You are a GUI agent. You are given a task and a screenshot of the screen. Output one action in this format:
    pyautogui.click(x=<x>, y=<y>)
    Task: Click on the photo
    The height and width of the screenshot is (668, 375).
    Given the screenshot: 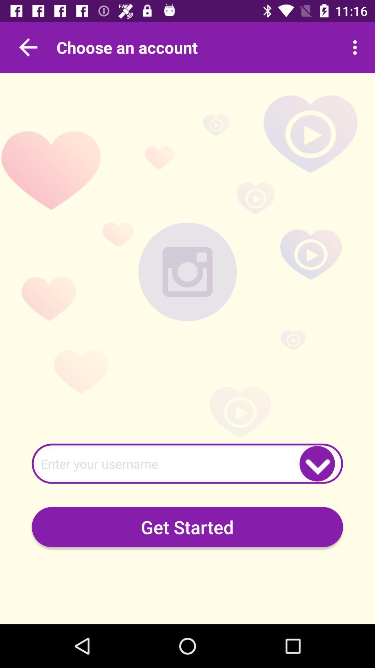 What is the action you would take?
    pyautogui.click(x=187, y=271)
    